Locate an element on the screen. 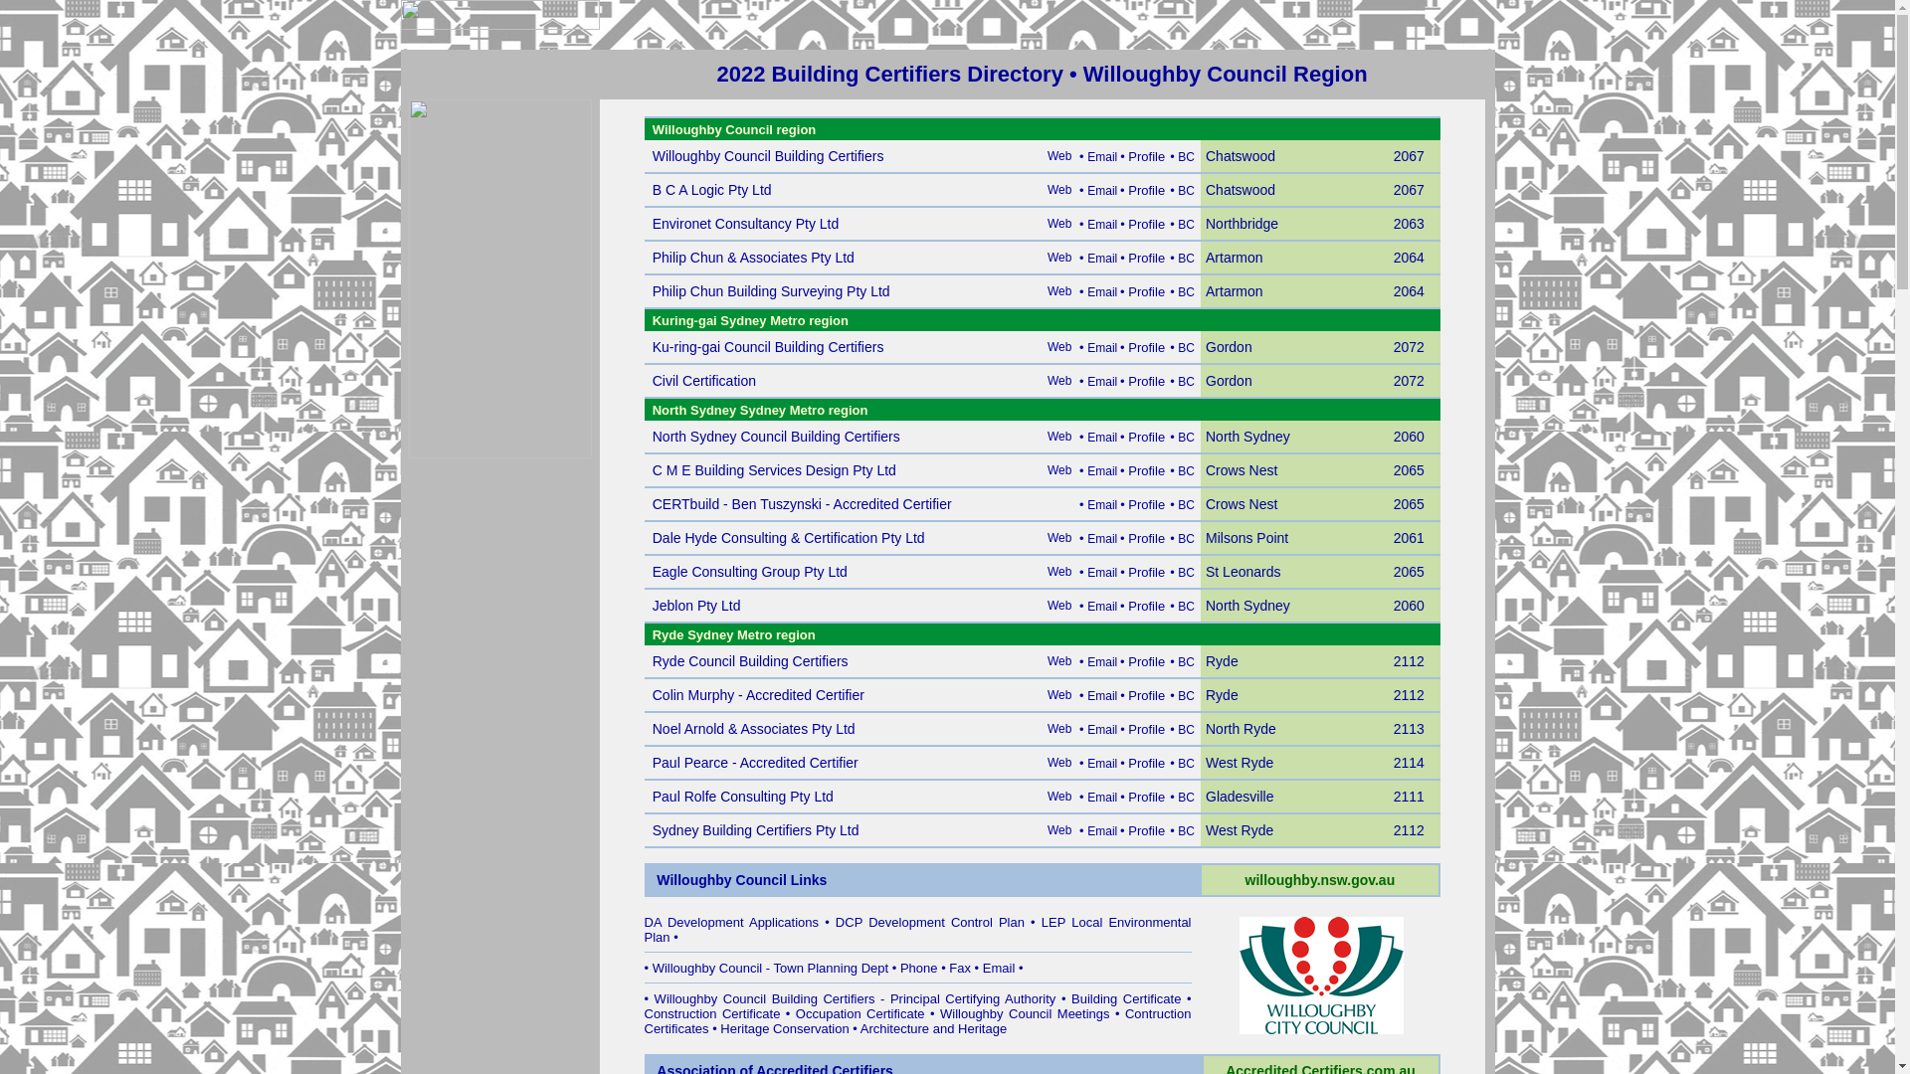  'Kuring-gai Sydney Metro region' is located at coordinates (653, 318).